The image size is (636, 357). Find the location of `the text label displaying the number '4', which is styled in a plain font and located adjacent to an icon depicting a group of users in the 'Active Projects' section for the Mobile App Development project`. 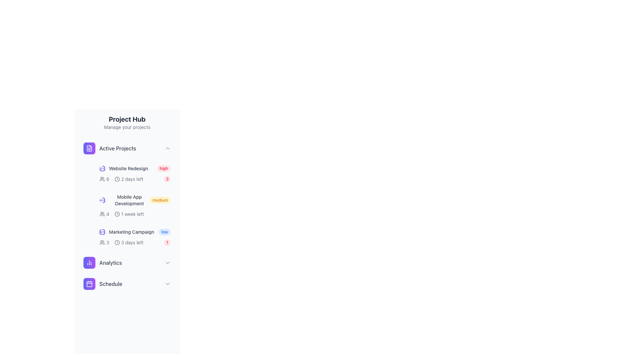

the text label displaying the number '4', which is styled in a plain font and located adjacent to an icon depicting a group of users in the 'Active Projects' section for the Mobile App Development project is located at coordinates (108, 214).